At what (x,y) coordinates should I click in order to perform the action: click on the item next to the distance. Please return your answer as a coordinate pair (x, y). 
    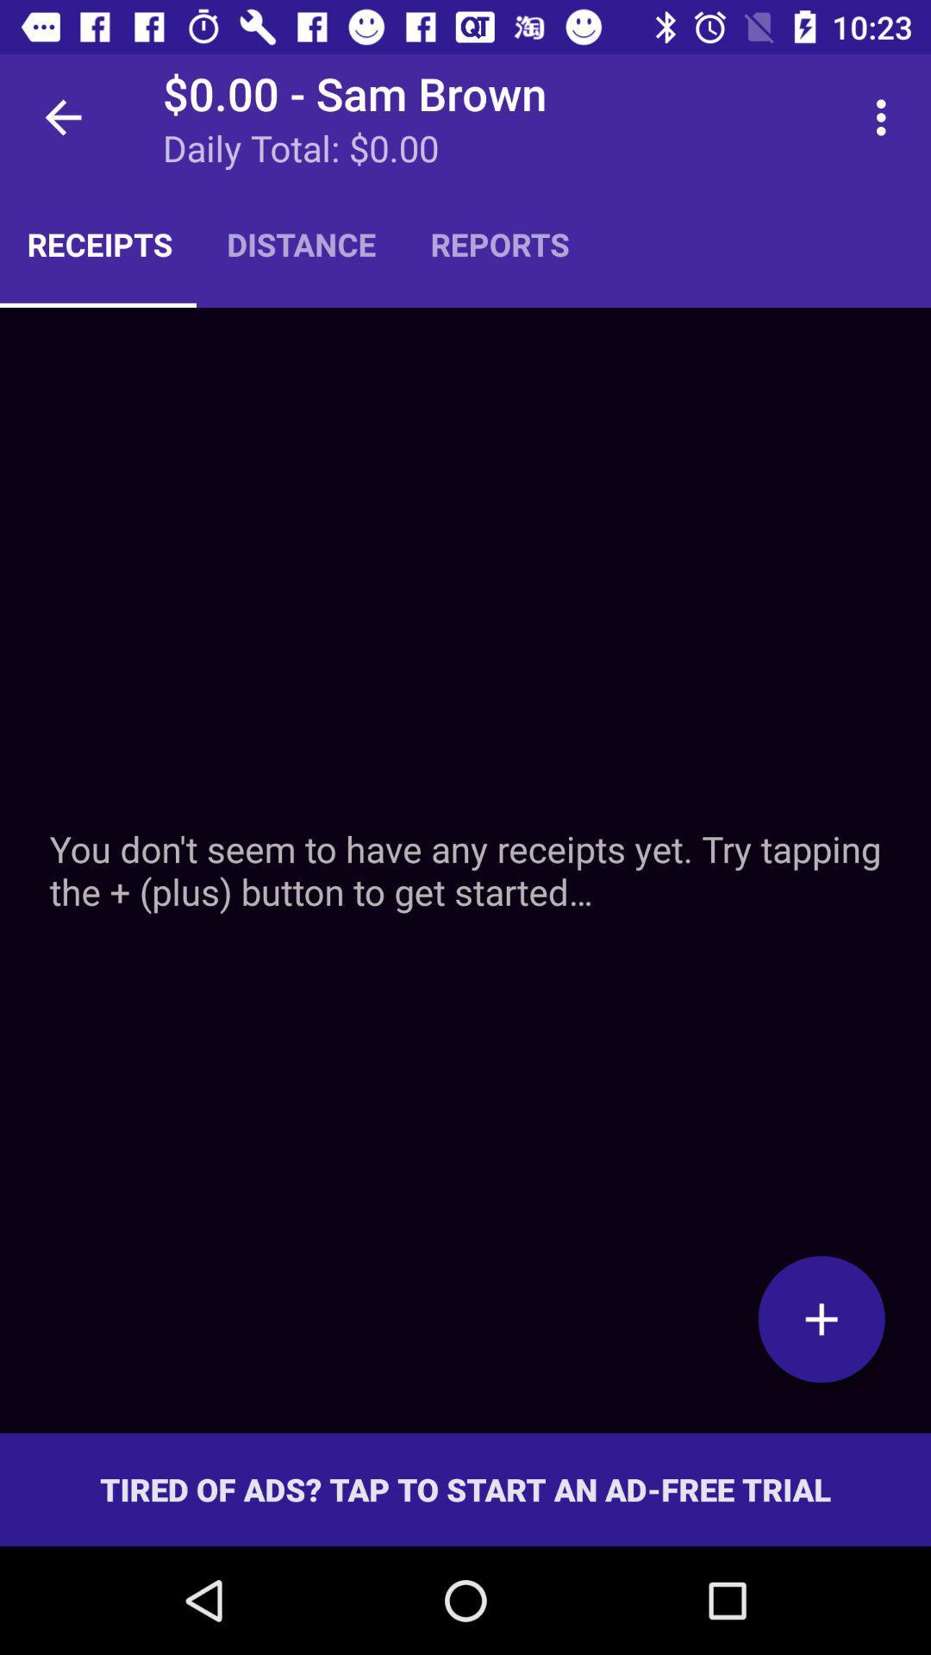
    Looking at the image, I should click on (500, 243).